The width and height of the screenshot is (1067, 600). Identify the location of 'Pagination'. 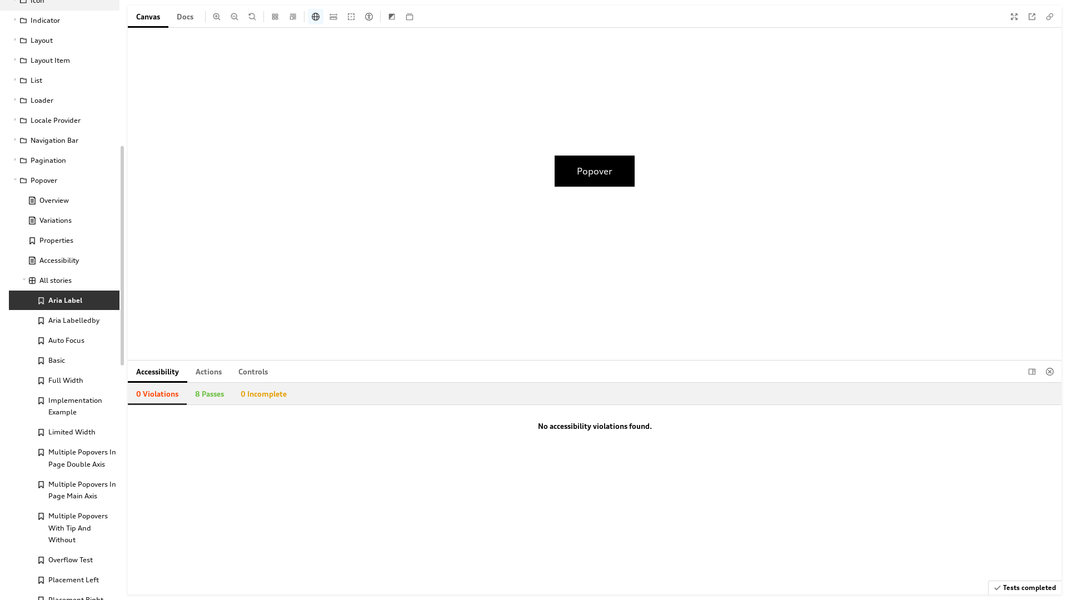
(59, 161).